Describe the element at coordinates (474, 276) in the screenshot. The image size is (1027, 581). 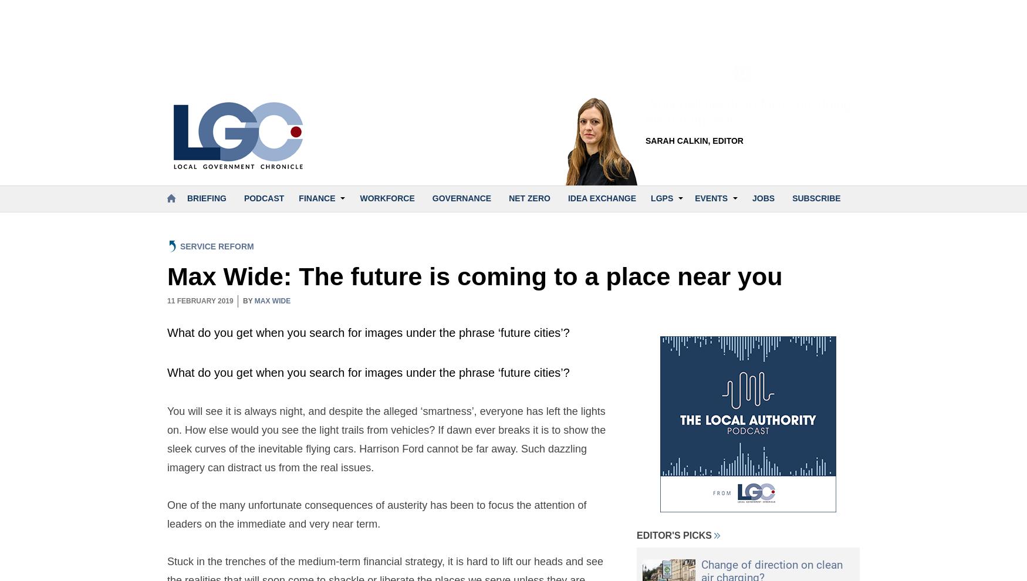
I see `'Max Wide: The future is coming to a place near you'` at that location.